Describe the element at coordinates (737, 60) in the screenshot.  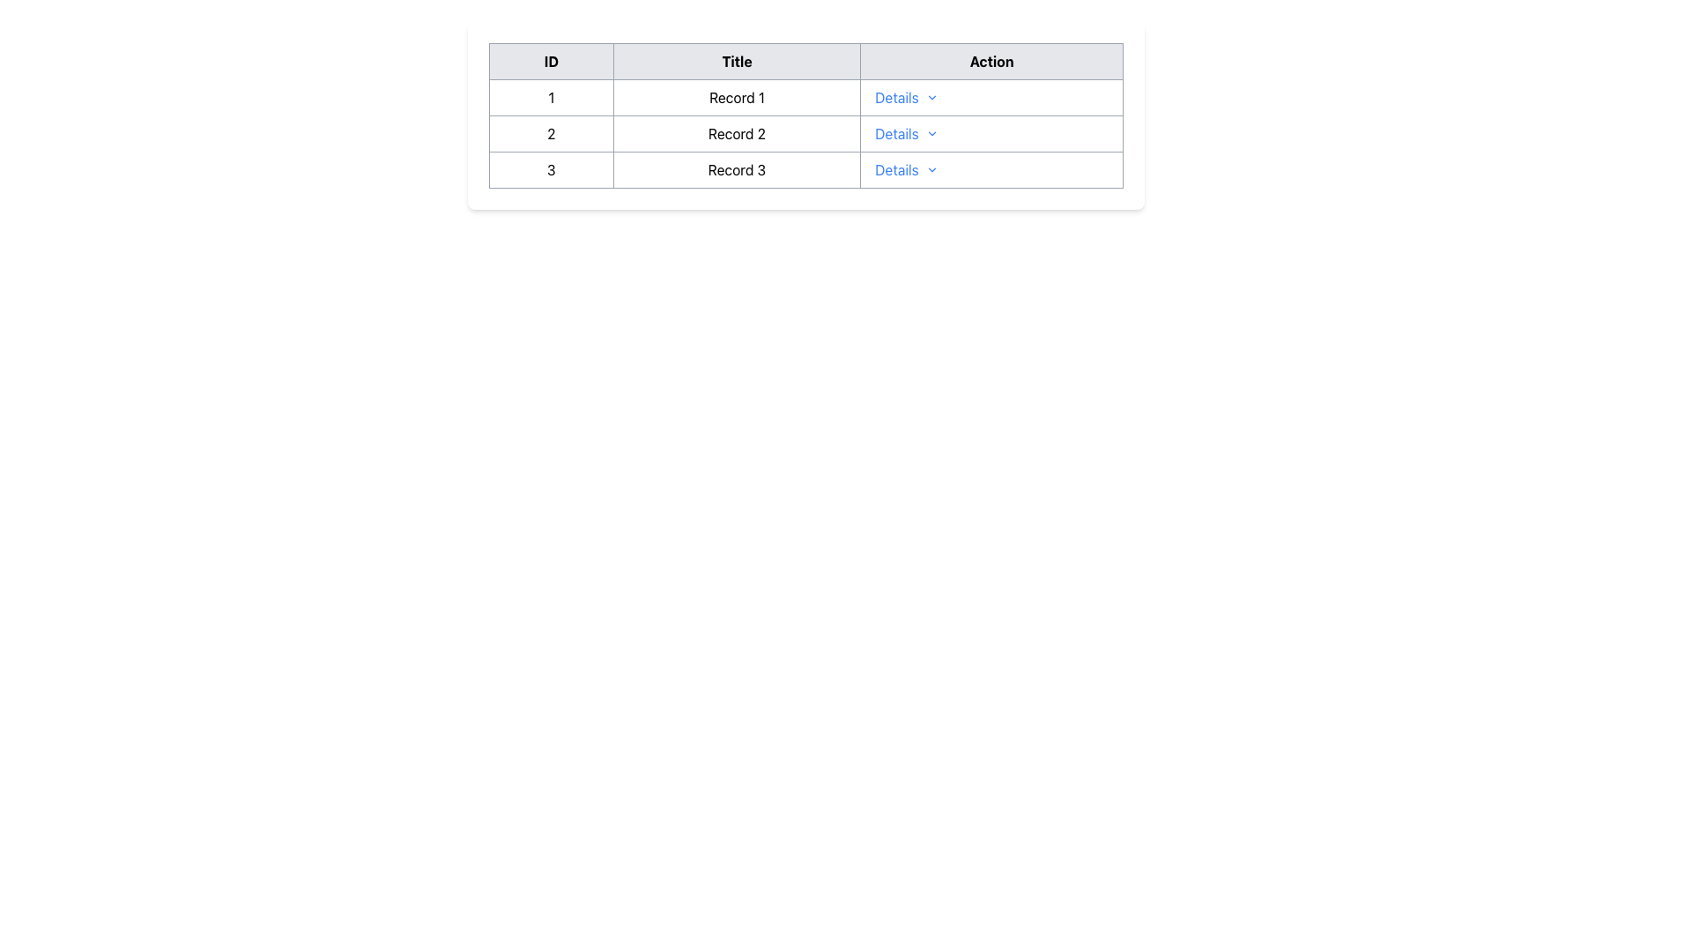
I see `title text from the Table Header Cell labeled 'Title', which is the second column header in the table` at that location.